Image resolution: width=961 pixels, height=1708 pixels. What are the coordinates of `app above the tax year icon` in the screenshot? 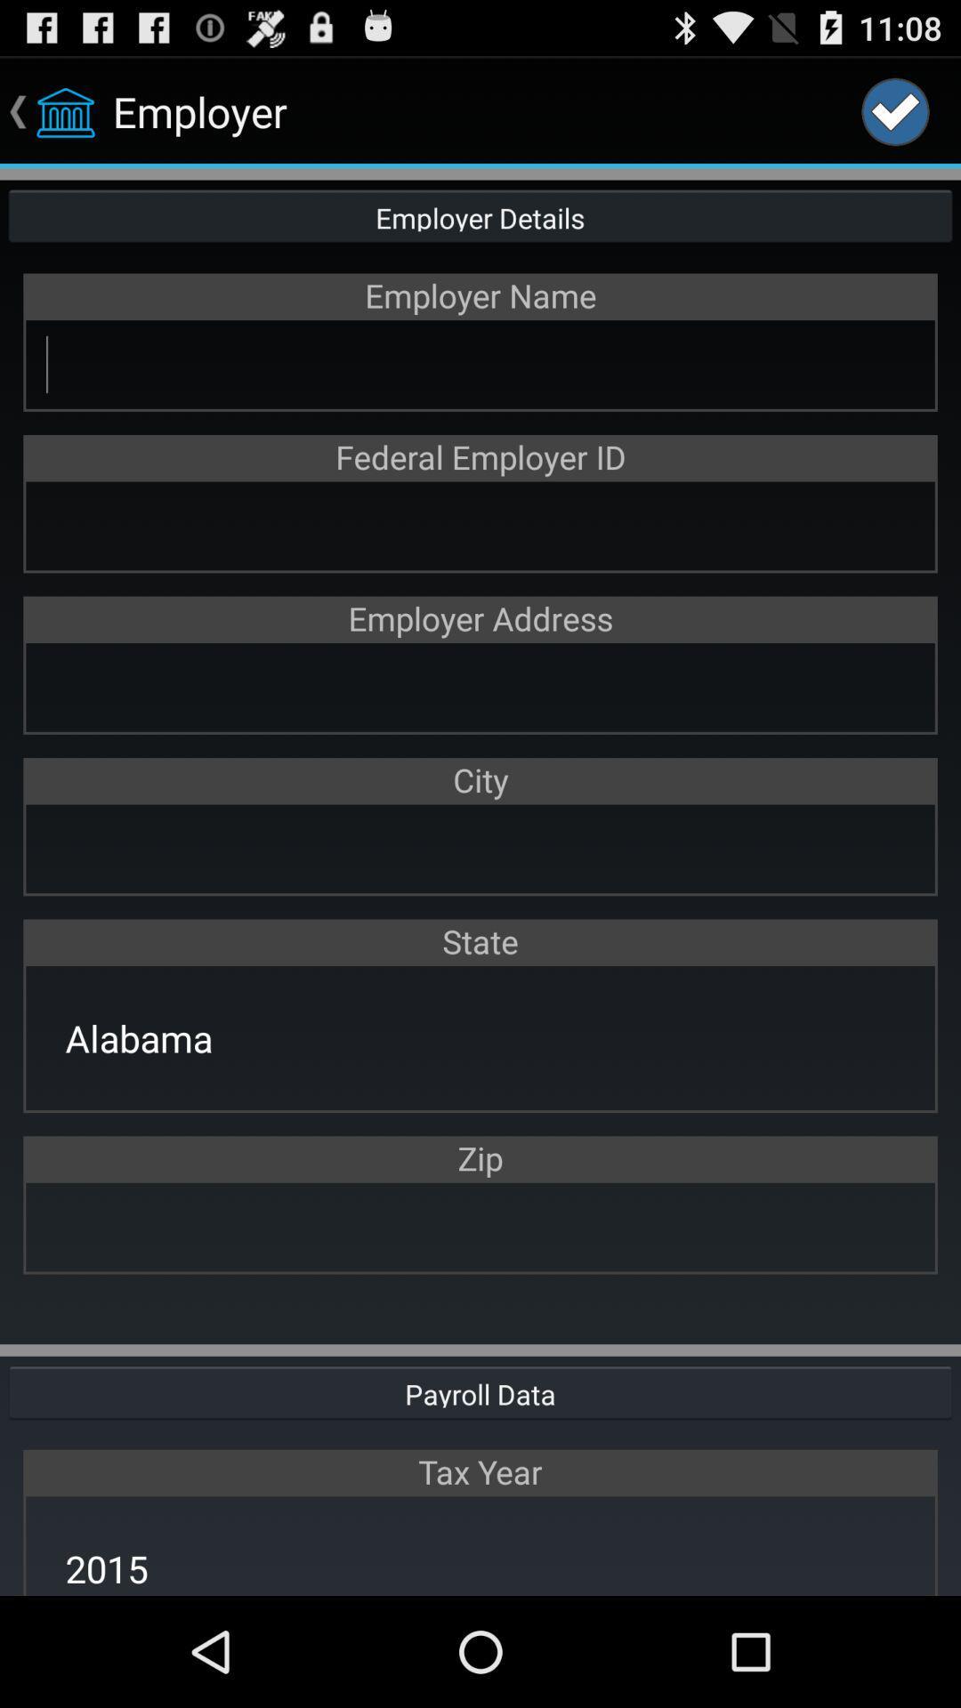 It's located at (480, 1390).